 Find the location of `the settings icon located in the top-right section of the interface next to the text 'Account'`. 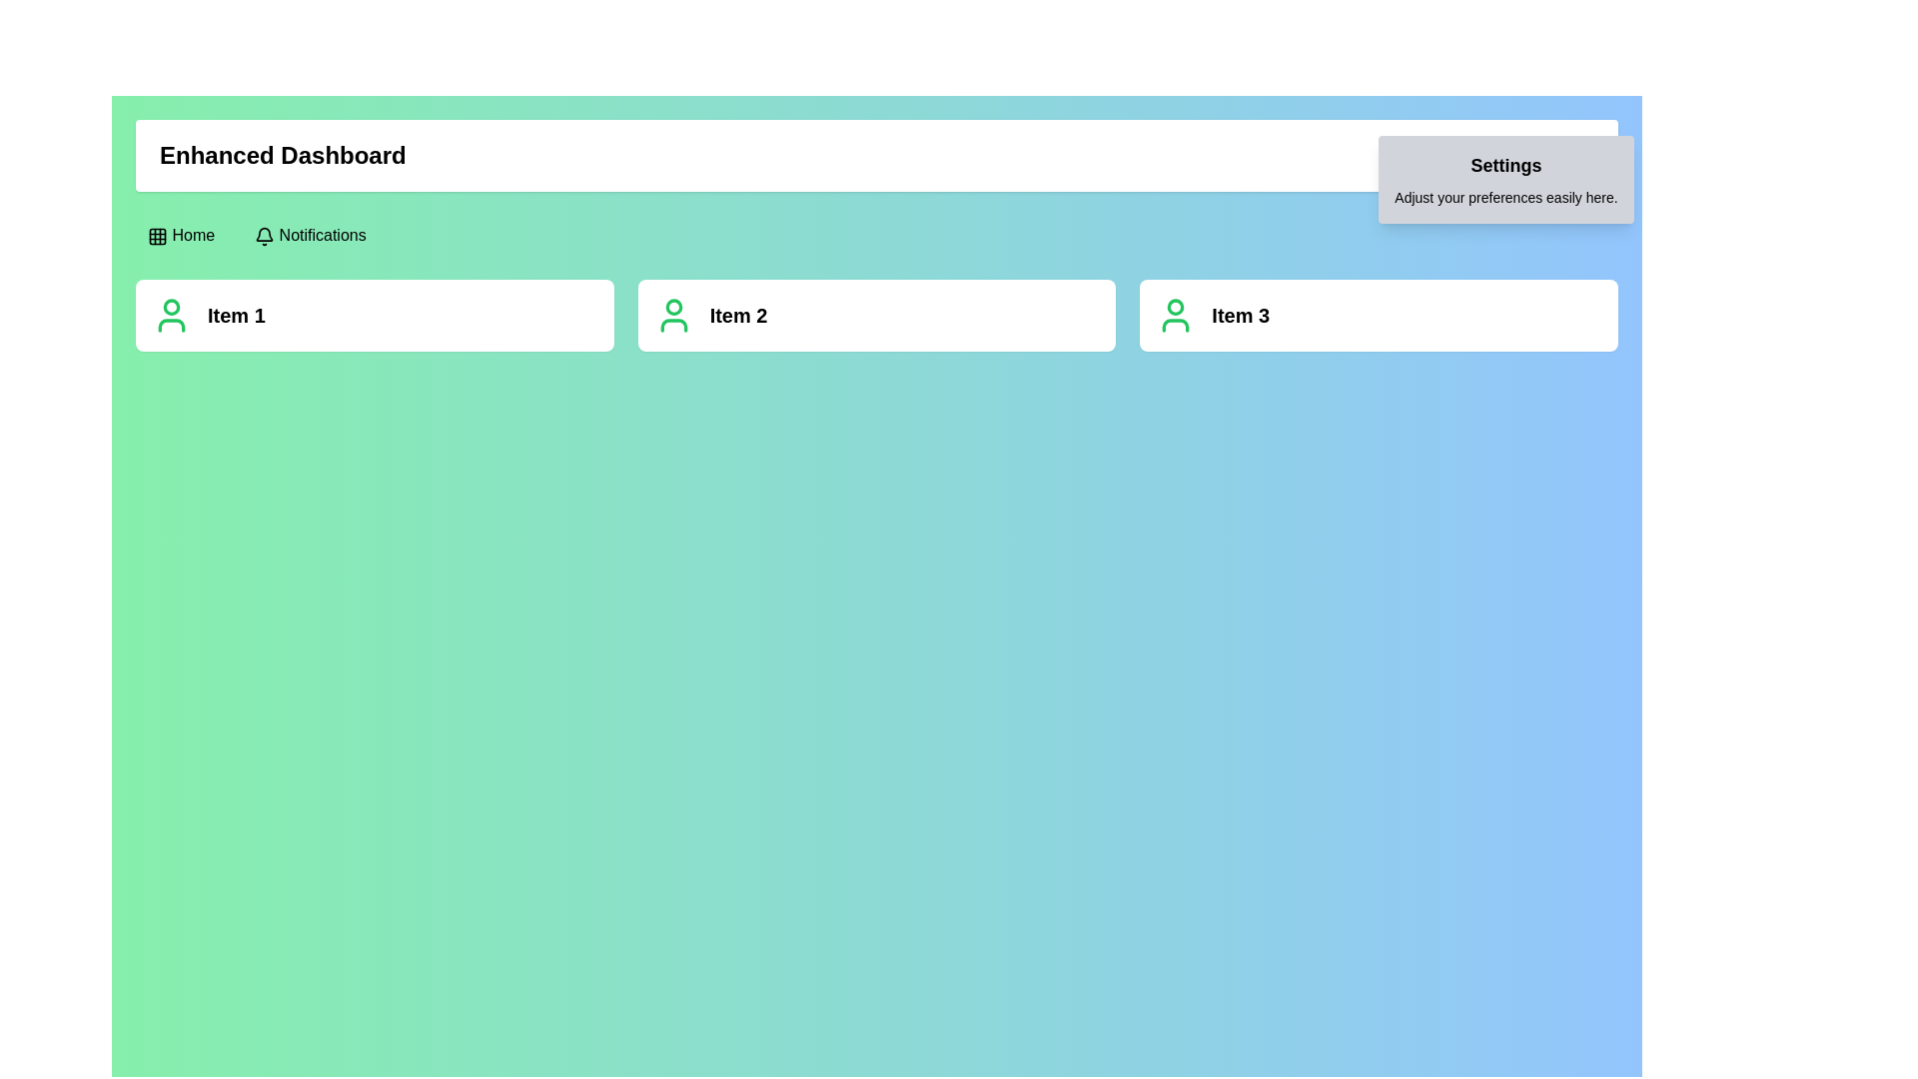

the settings icon located in the top-right section of the interface next to the text 'Account' is located at coordinates (1476, 154).